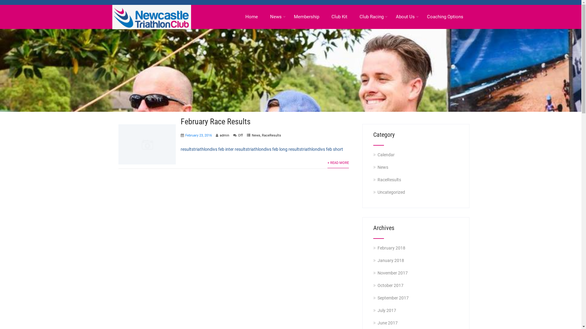  What do you see at coordinates (405, 16) in the screenshot?
I see `'About Us'` at bounding box center [405, 16].